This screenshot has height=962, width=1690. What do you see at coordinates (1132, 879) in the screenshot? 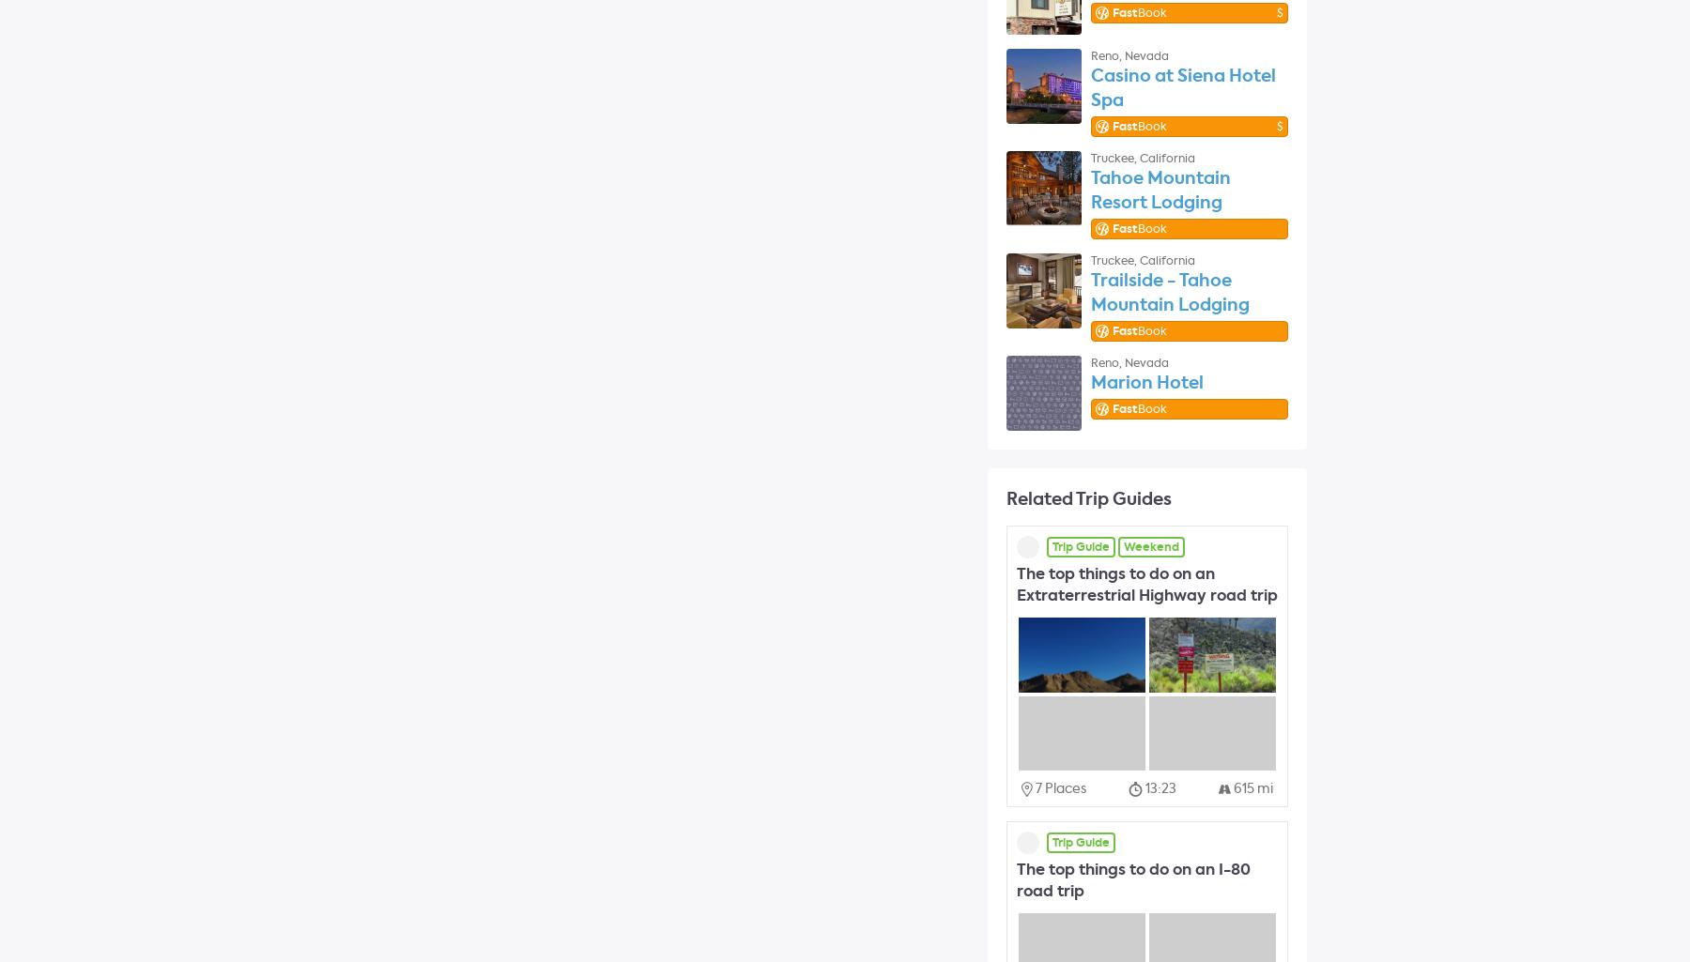
I see `'The top things to do on an I-80 road trip'` at bounding box center [1132, 879].